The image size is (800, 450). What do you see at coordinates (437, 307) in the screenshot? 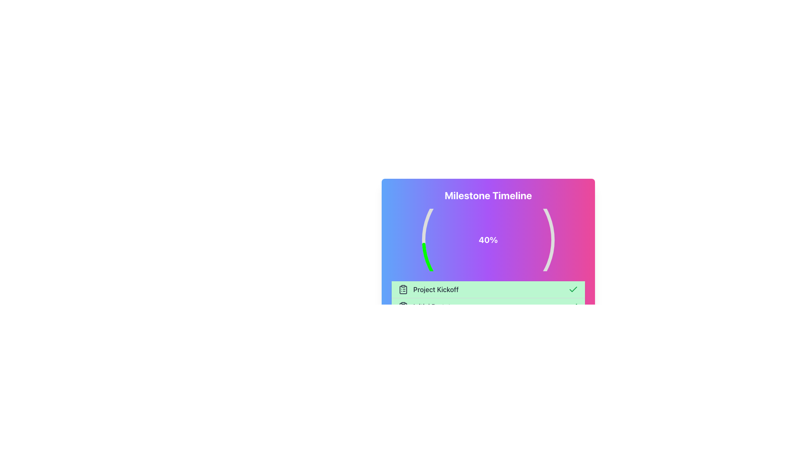
I see `the 'Initial Prototype' text element, which is the second item in the green bar under 'Milestone Timeline'` at bounding box center [437, 307].